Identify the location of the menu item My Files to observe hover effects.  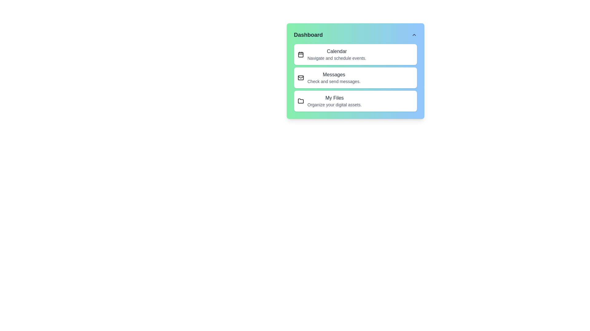
(355, 101).